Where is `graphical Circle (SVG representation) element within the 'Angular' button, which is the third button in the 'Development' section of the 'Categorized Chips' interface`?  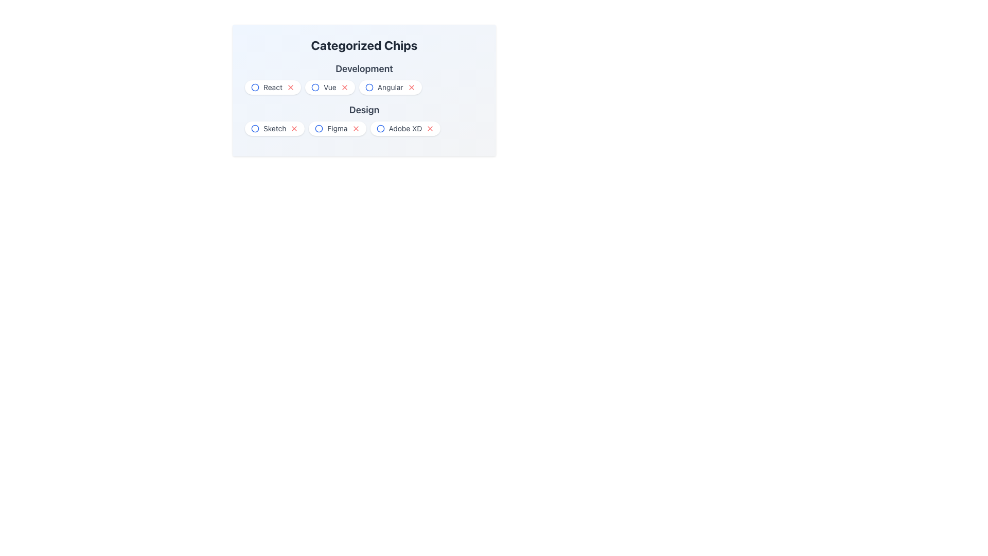 graphical Circle (SVG representation) element within the 'Angular' button, which is the third button in the 'Development' section of the 'Categorized Chips' interface is located at coordinates (369, 86).